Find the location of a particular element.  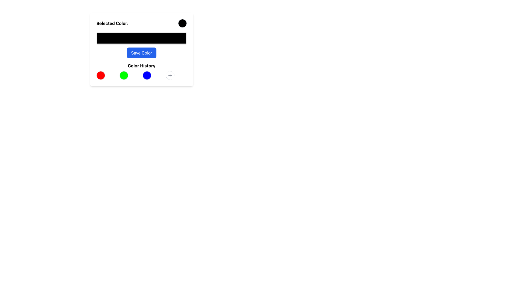

the red circular button with a white border located in the 'Color History' section is located at coordinates (101, 75).